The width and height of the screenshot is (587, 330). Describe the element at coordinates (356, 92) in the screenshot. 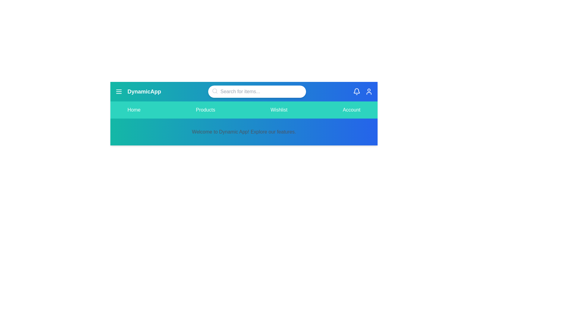

I see `the bell icon to view notifications` at that location.